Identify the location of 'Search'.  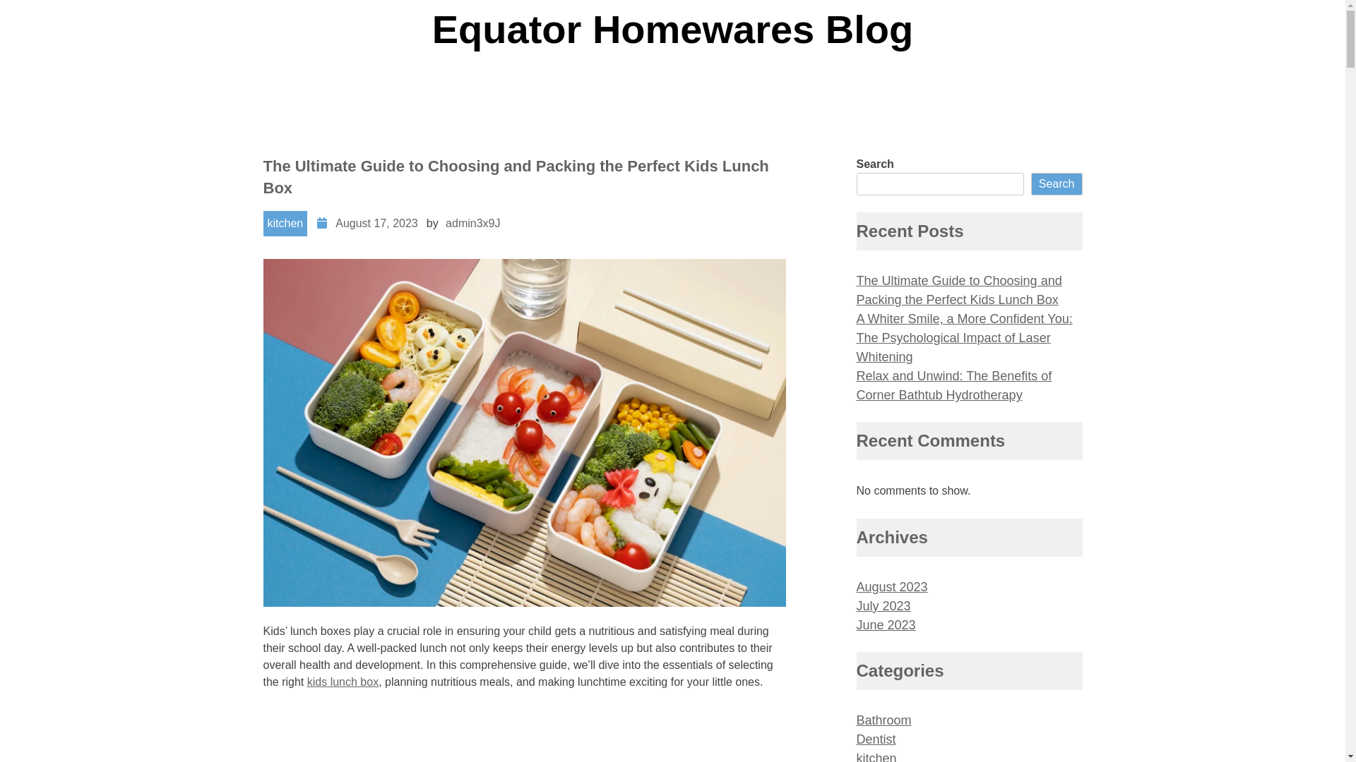
(1057, 183).